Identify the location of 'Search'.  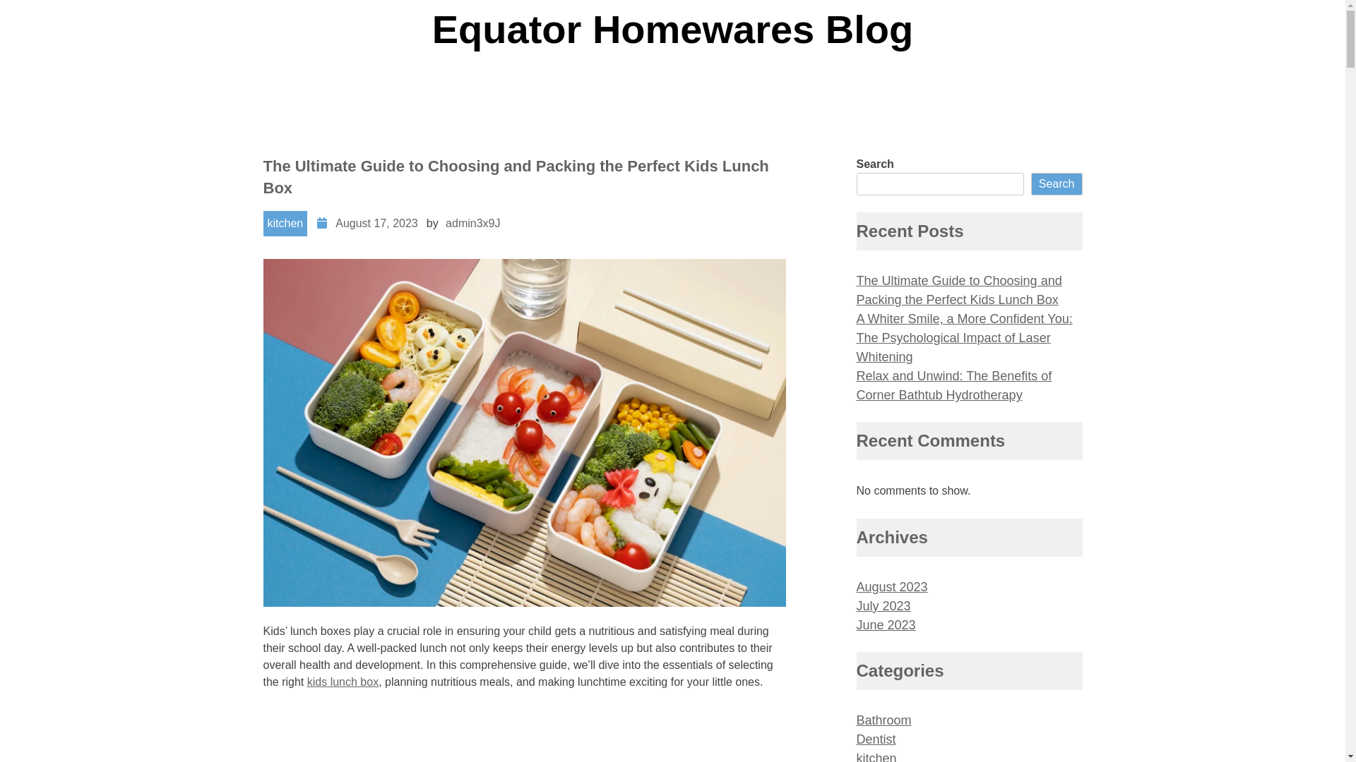
(1057, 183).